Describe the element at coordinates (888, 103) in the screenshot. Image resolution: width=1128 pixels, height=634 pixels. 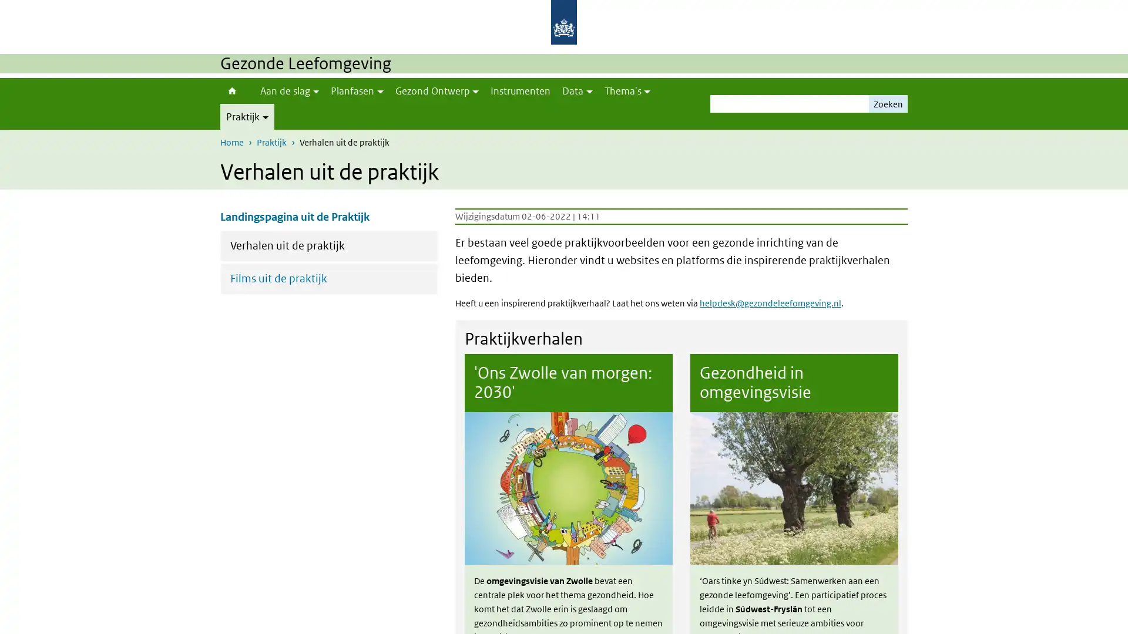
I see `Zoeken` at that location.